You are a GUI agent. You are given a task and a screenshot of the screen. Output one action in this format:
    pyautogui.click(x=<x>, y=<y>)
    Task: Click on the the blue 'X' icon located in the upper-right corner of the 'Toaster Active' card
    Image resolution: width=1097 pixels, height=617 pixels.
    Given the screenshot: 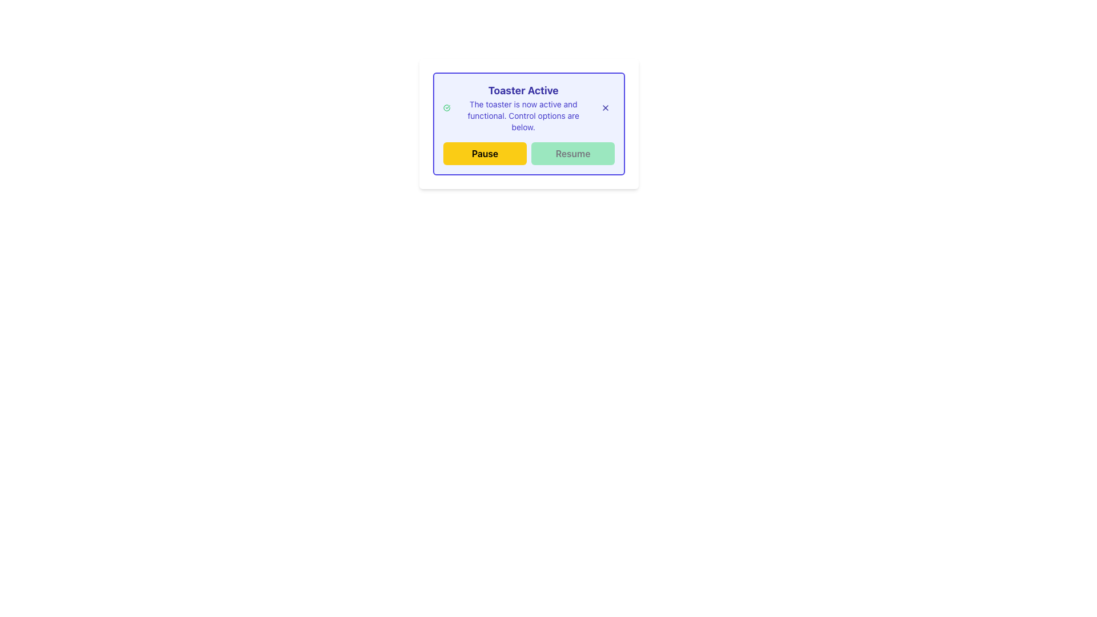 What is the action you would take?
    pyautogui.click(x=605, y=108)
    